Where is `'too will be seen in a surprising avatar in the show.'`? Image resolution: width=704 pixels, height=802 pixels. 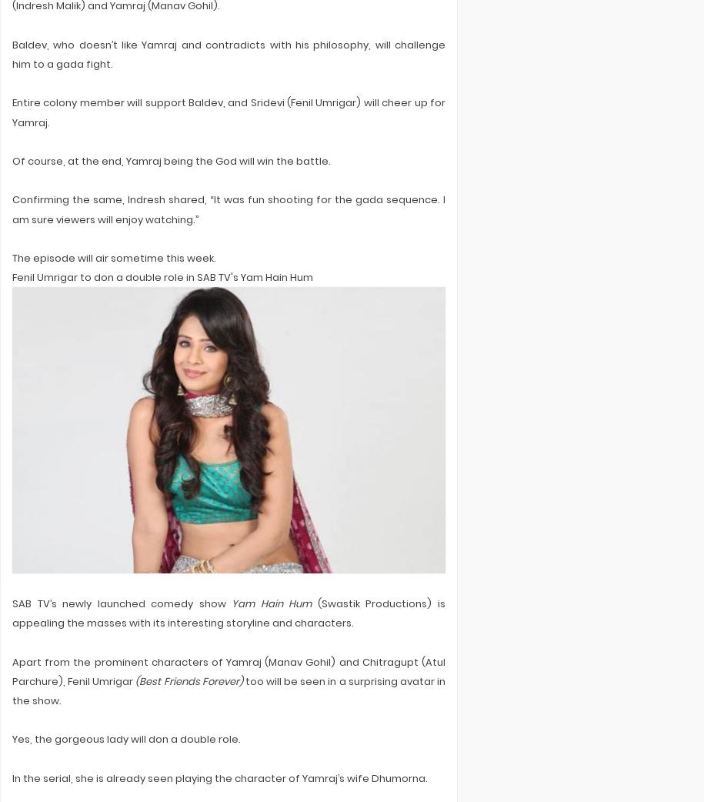 'too will be seen in a surprising avatar in the show.' is located at coordinates (12, 690).